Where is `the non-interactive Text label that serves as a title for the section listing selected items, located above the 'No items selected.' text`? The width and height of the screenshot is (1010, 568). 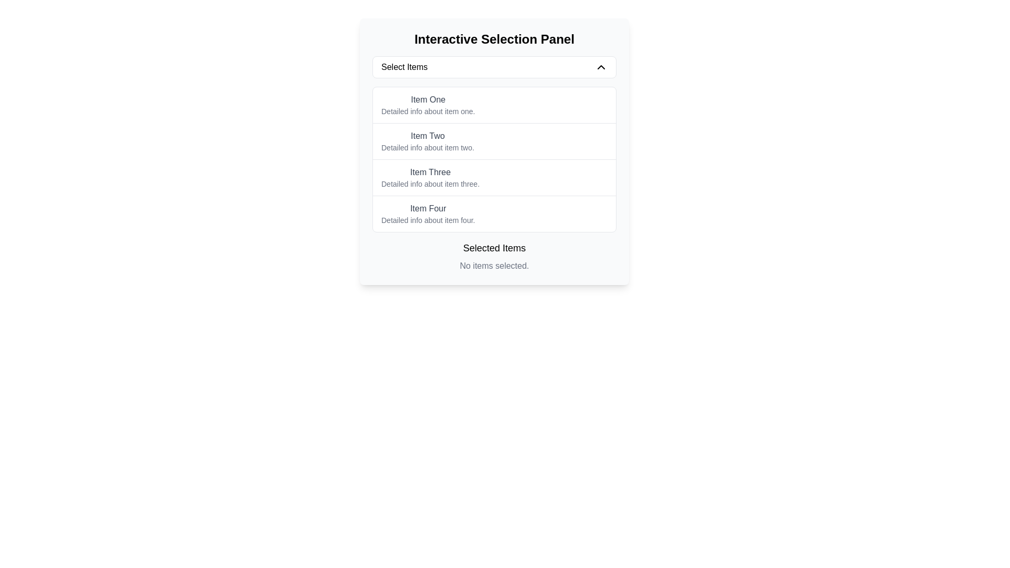 the non-interactive Text label that serves as a title for the section listing selected items, located above the 'No items selected.' text is located at coordinates (494, 248).